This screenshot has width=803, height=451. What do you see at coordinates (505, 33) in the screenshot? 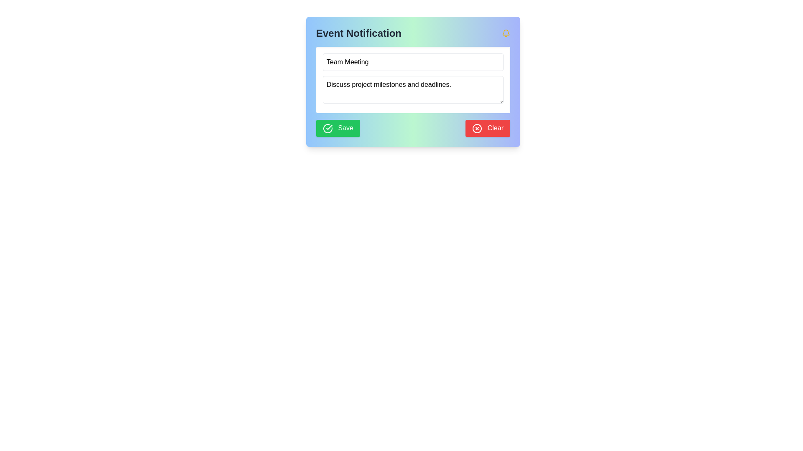
I see `the notification icon located at the top right corner of the notification panel, adjacent to the 'Event Notification' title` at bounding box center [505, 33].